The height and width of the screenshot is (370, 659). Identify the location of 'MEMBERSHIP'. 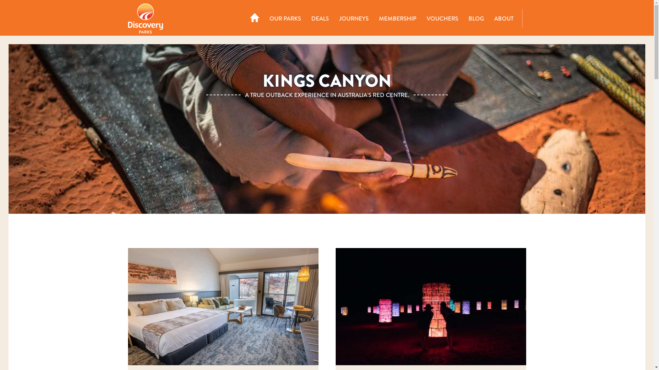
(373, 18).